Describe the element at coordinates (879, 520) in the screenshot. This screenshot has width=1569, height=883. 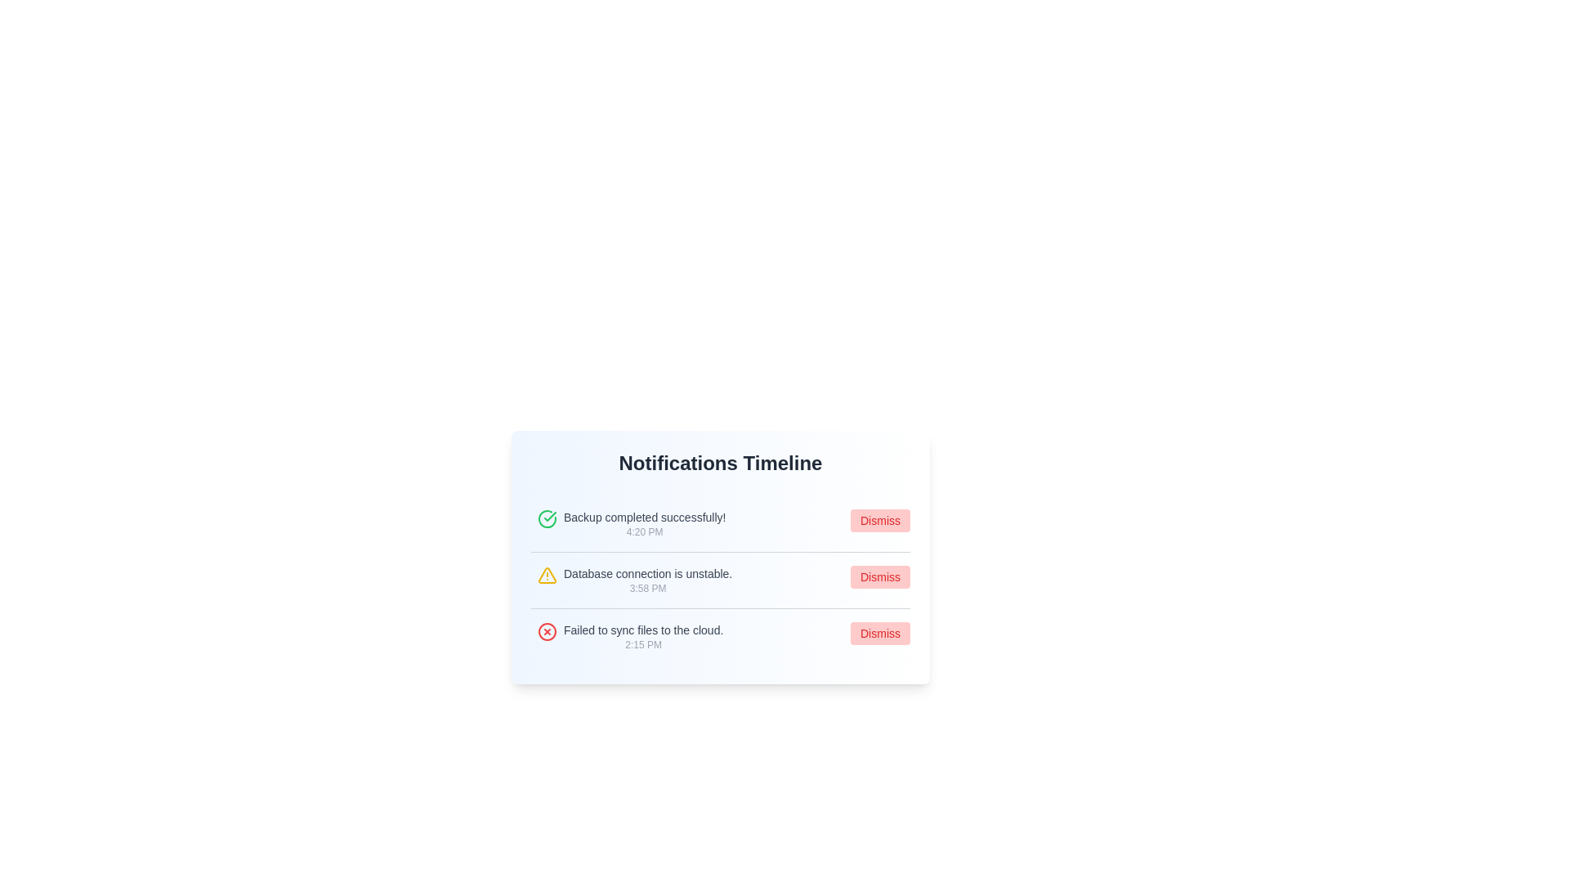
I see `the red 'Dismiss' button located in the topmost notification row of the 'Notifications Timeline', which is adjacent to the message 'Backup completed successfully!'` at that location.